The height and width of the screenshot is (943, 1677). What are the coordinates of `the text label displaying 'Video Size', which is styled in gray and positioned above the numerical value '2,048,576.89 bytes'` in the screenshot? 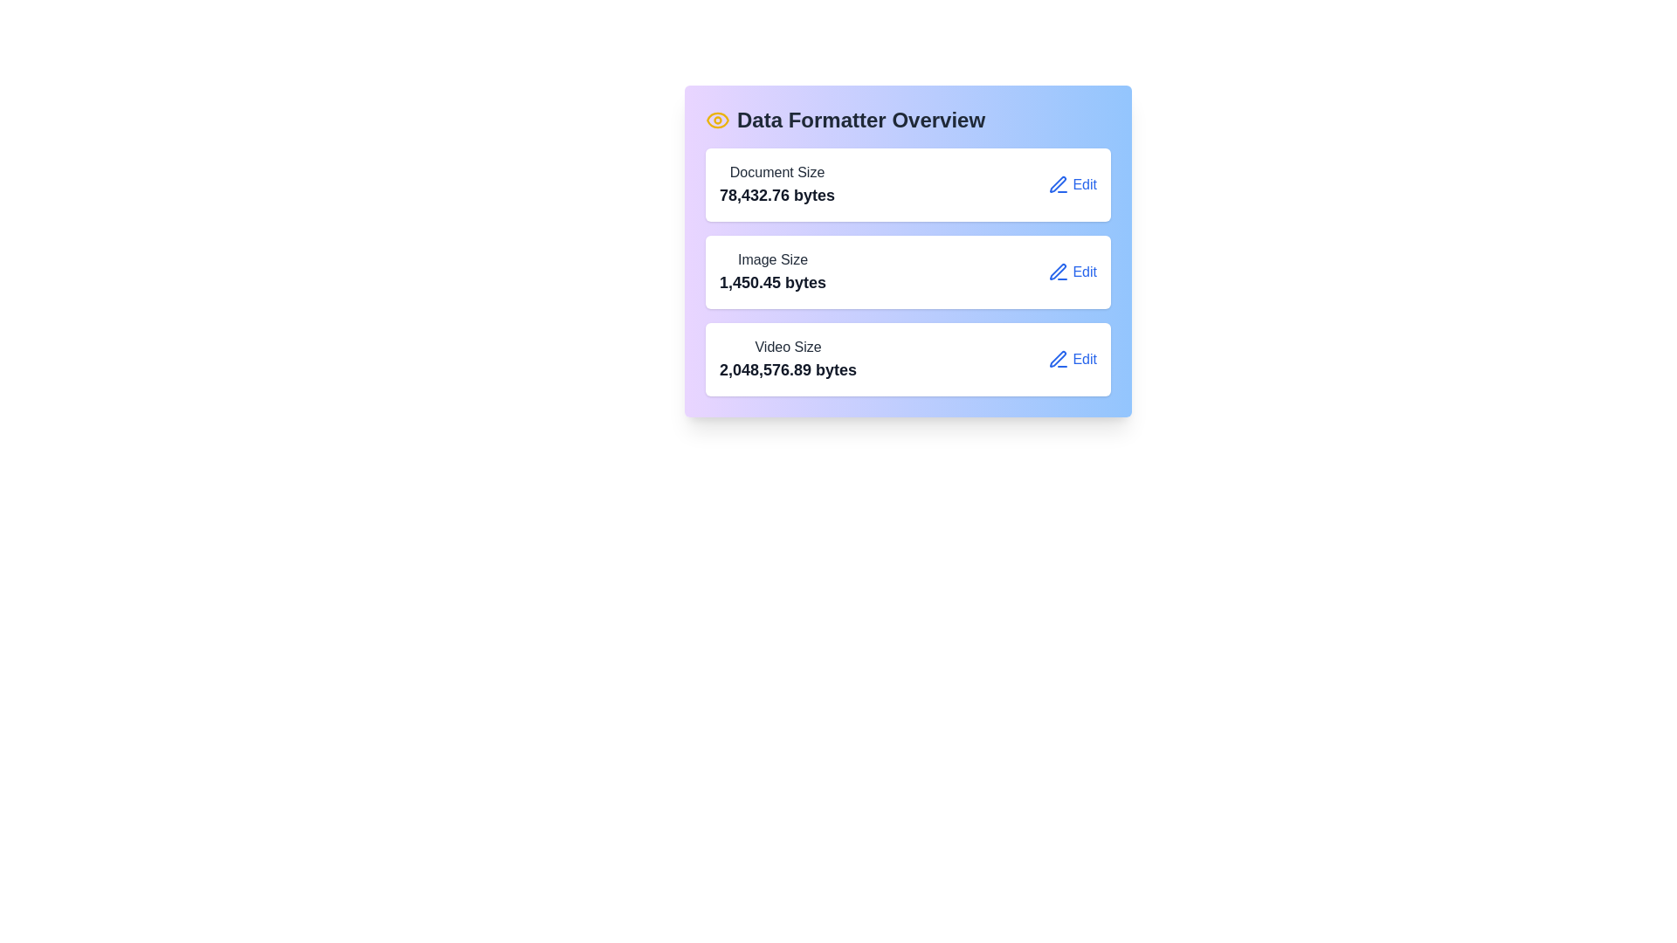 It's located at (787, 347).